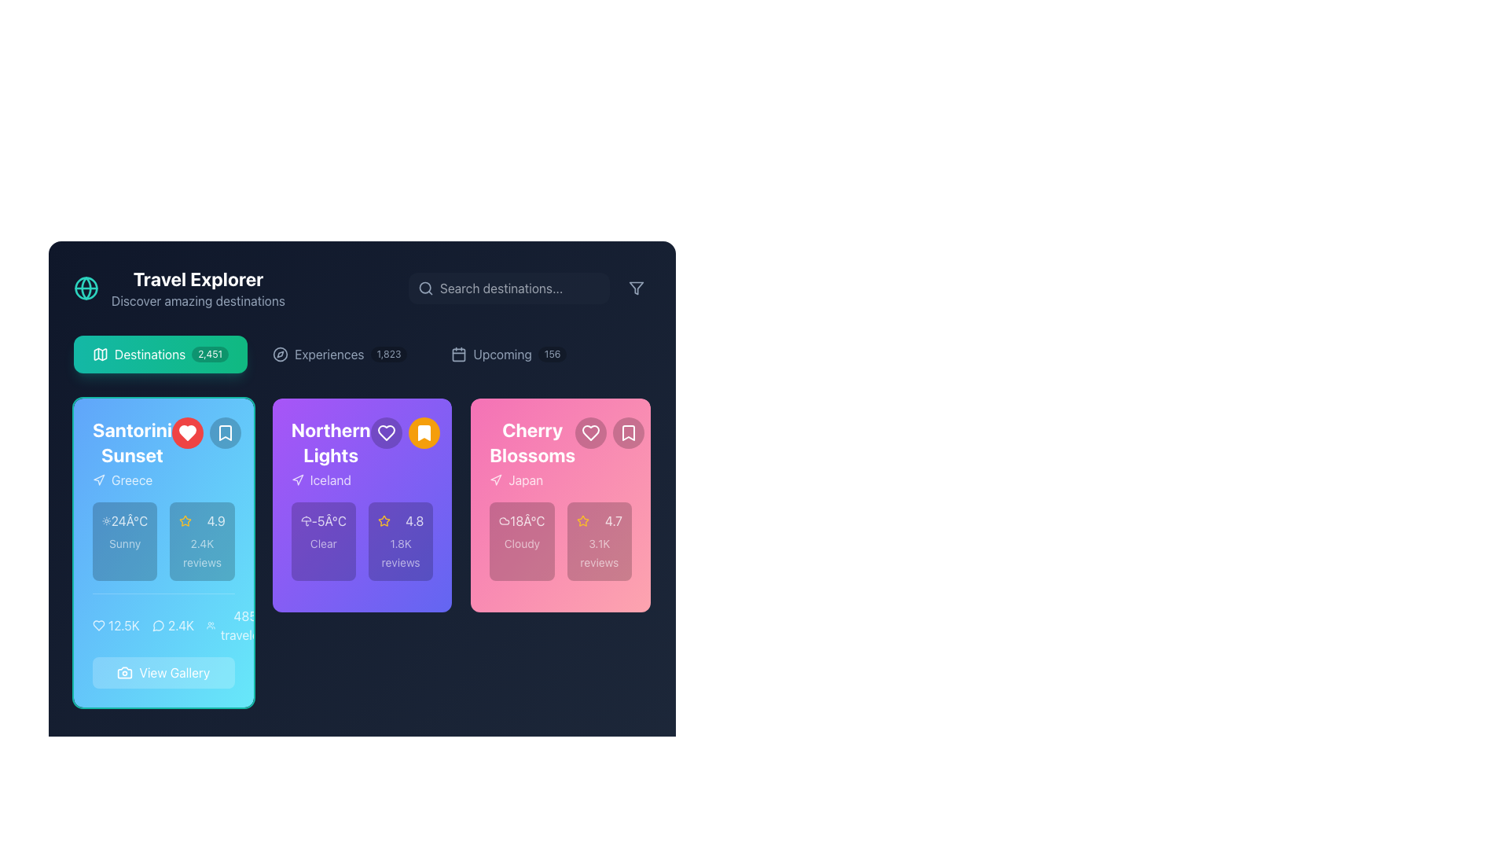 Image resolution: width=1509 pixels, height=849 pixels. Describe the element at coordinates (328, 521) in the screenshot. I see `the temperature value text label associated with the 'Northern Lights' destination, which is located at the lower part of the purple card beneath the title and icon` at that location.